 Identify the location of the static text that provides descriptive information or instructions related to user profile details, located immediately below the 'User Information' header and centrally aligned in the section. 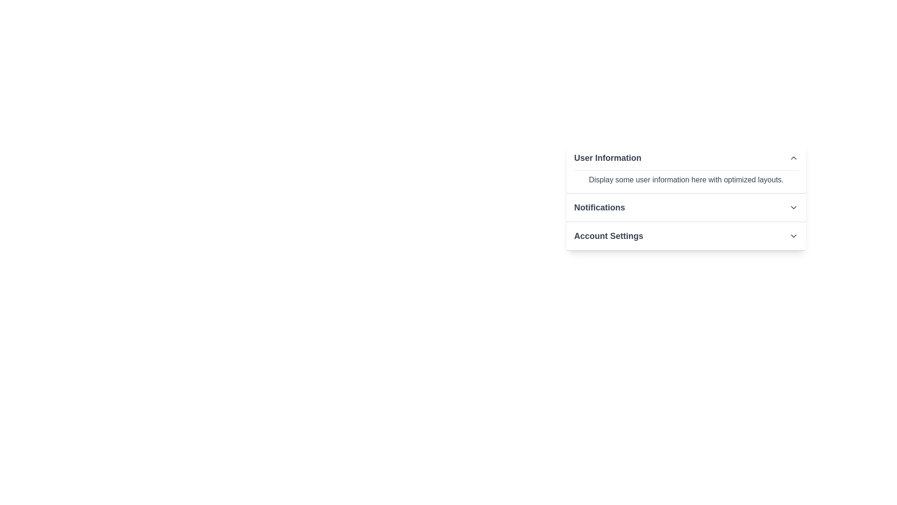
(686, 180).